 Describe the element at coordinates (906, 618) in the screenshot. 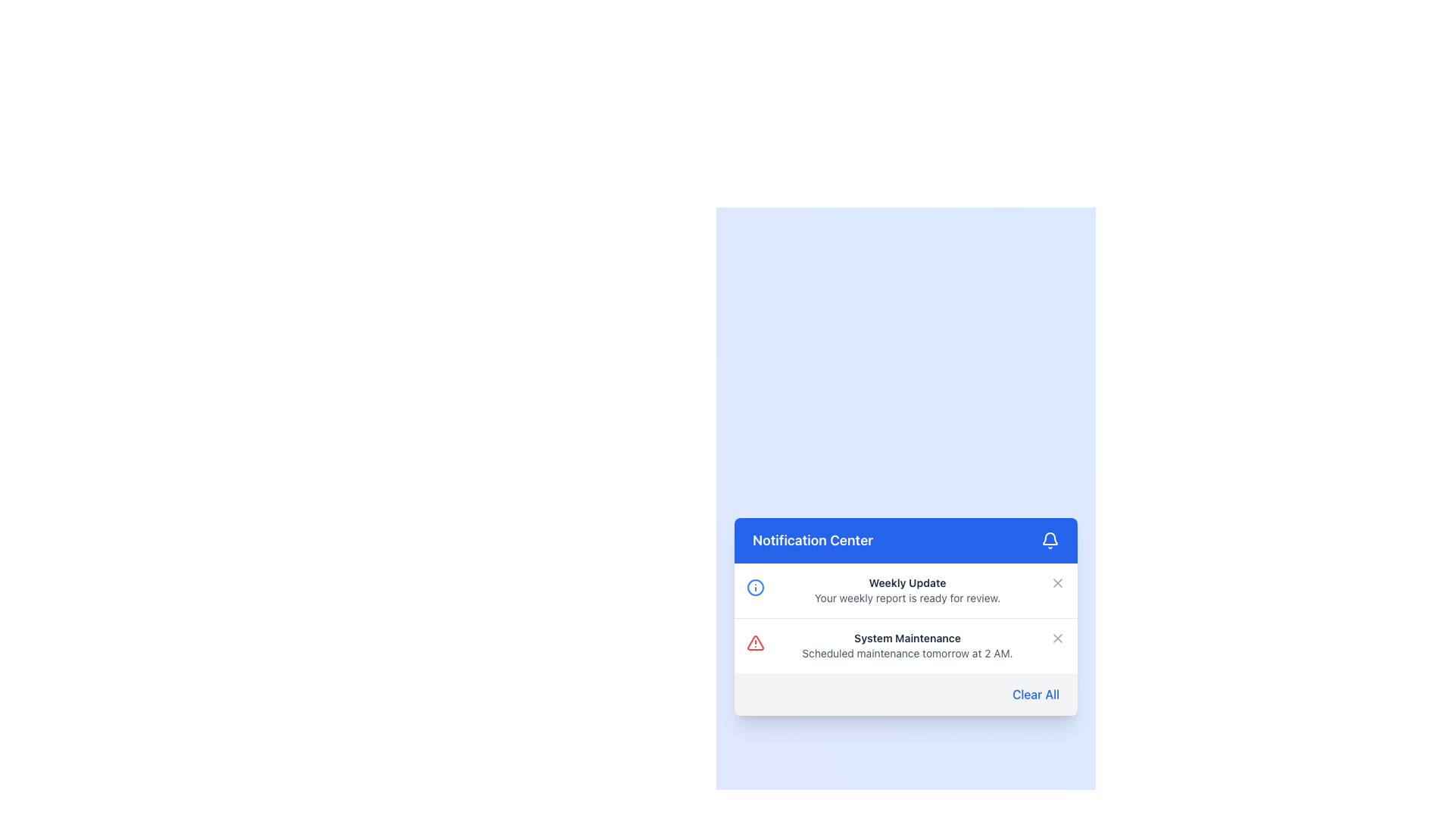

I see `the notification titled 'System Maintenance' within the 'Notification Center'` at that location.